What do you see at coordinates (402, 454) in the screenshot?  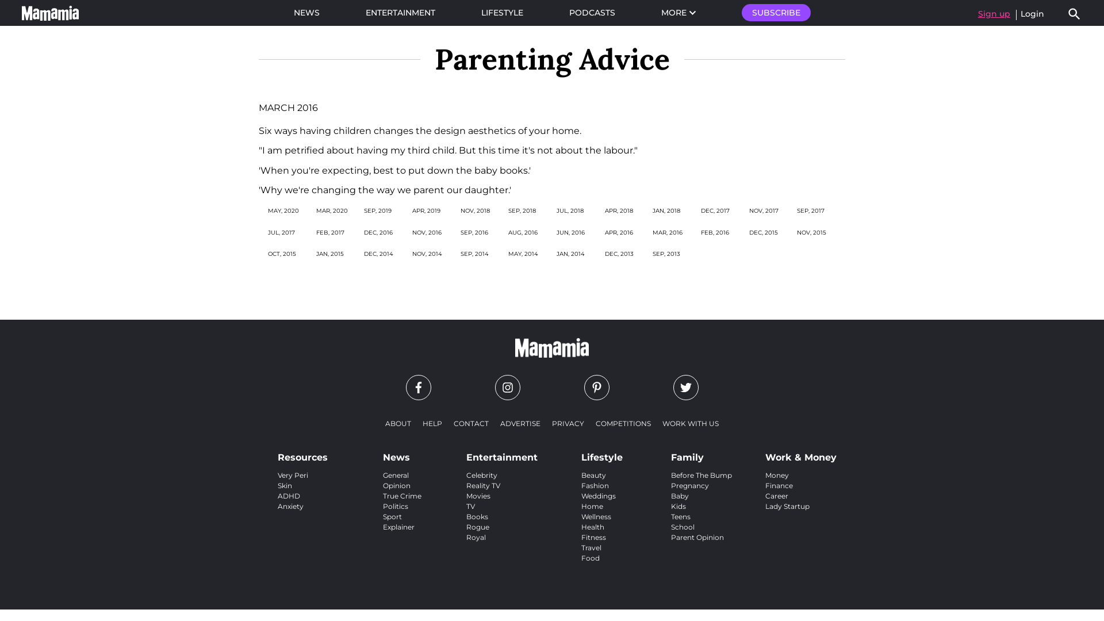 I see `'News'` at bounding box center [402, 454].